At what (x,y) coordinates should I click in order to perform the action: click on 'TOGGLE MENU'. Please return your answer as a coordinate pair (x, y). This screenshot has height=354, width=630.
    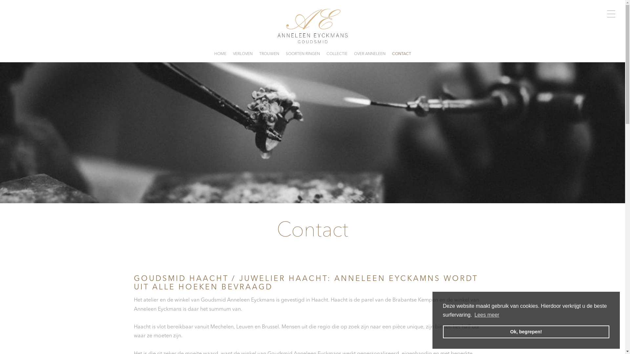
    Looking at the image, I should click on (611, 14).